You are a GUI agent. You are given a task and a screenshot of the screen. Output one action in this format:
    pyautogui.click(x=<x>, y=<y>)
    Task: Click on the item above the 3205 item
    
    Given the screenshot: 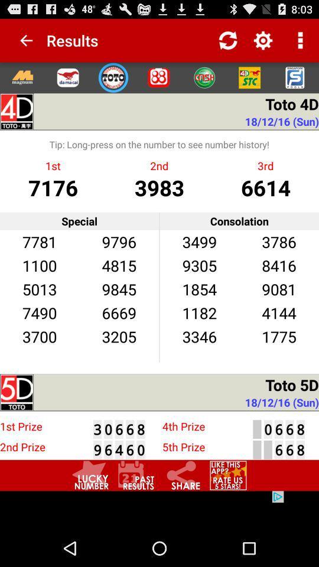 What is the action you would take?
    pyautogui.click(x=119, y=312)
    